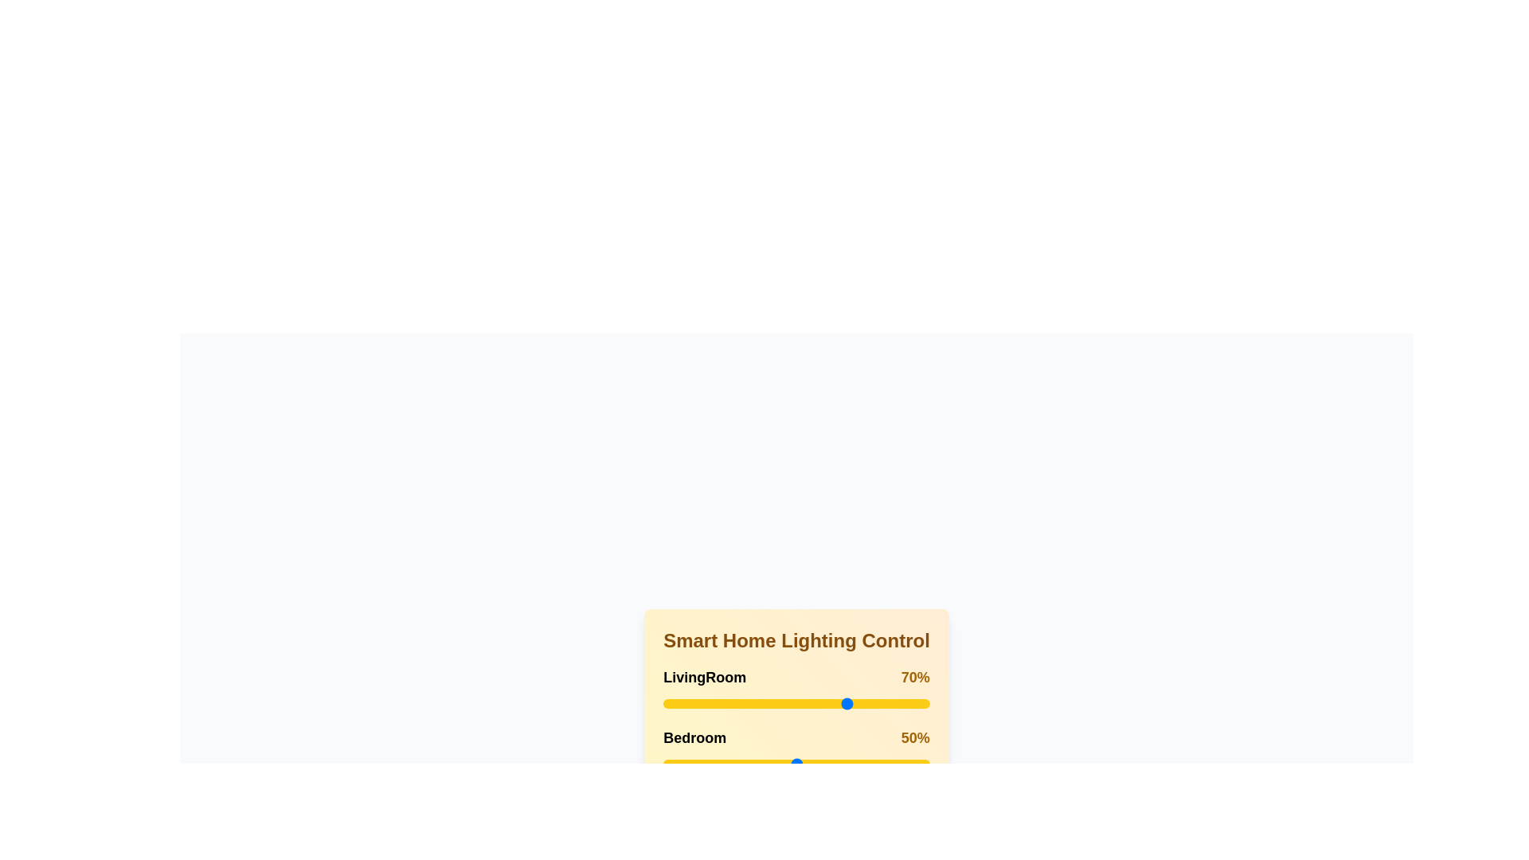 The width and height of the screenshot is (1529, 860). What do you see at coordinates (802, 702) in the screenshot?
I see `the lighting control value` at bounding box center [802, 702].